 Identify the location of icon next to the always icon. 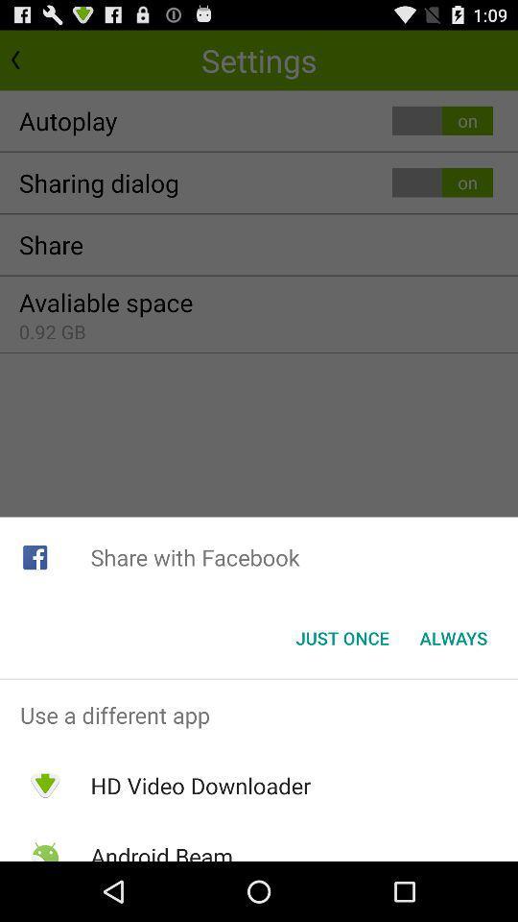
(341, 638).